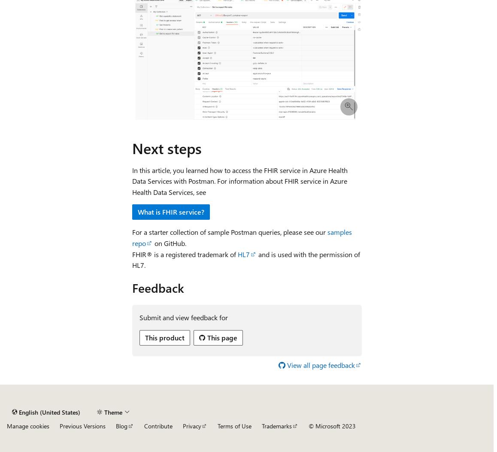 This screenshot has width=497, height=452. Describe the element at coordinates (331, 426) in the screenshot. I see `'© Microsoft 2023'` at that location.